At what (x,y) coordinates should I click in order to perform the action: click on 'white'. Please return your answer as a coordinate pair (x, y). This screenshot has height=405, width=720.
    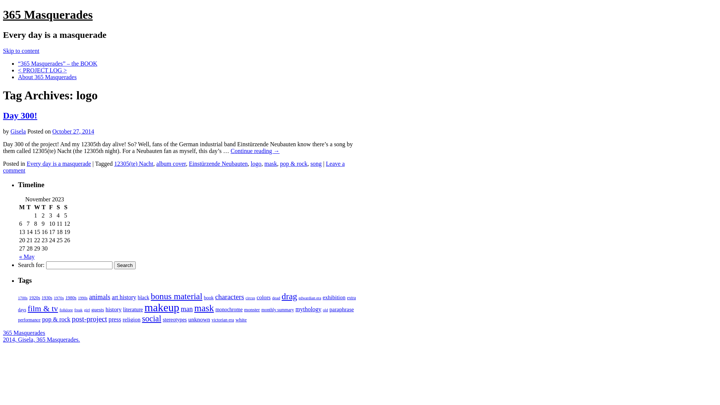
    Looking at the image, I should click on (241, 319).